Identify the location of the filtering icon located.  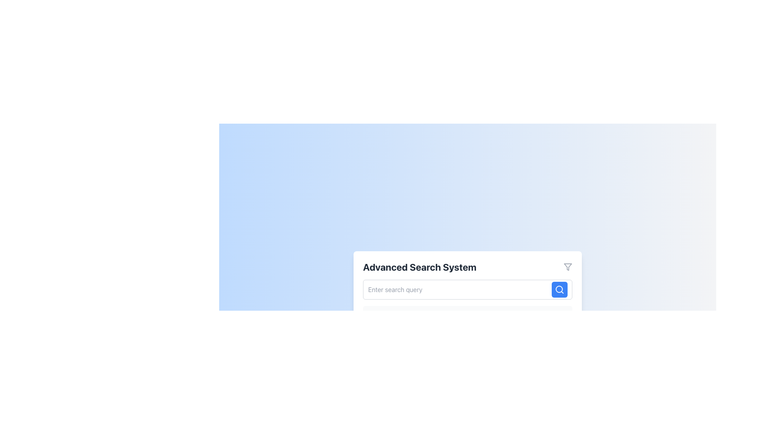
(568, 267).